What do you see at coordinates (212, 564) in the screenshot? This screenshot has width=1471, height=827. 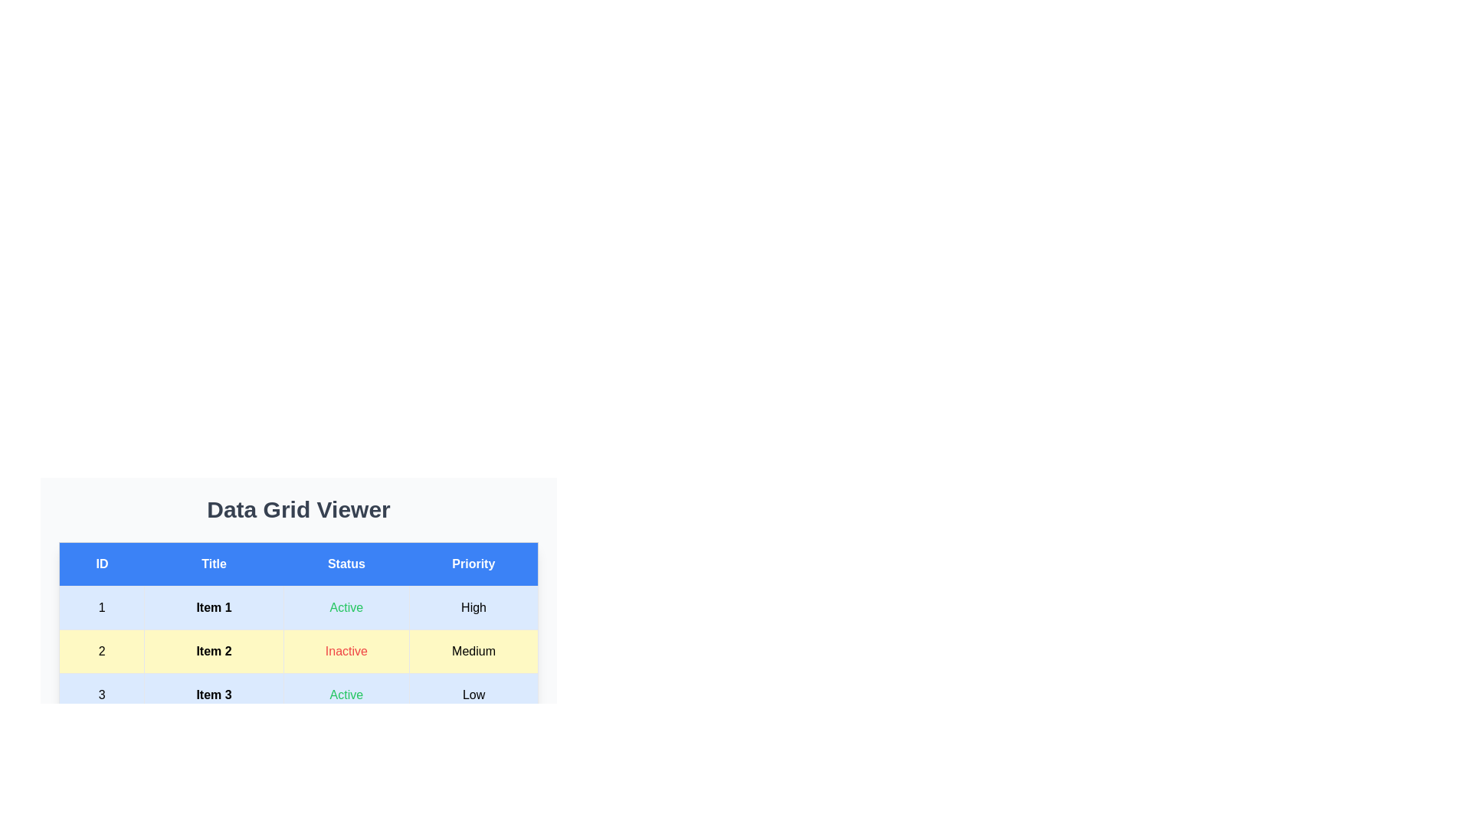 I see `the column header Title to sort the table by that column` at bounding box center [212, 564].